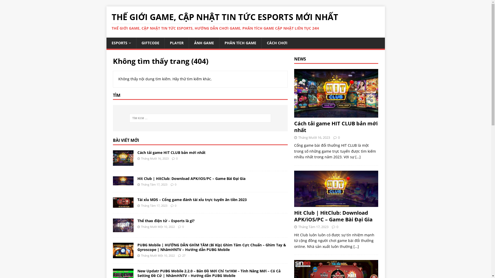  What do you see at coordinates (150, 42) in the screenshot?
I see `'GIFTCODE'` at bounding box center [150, 42].